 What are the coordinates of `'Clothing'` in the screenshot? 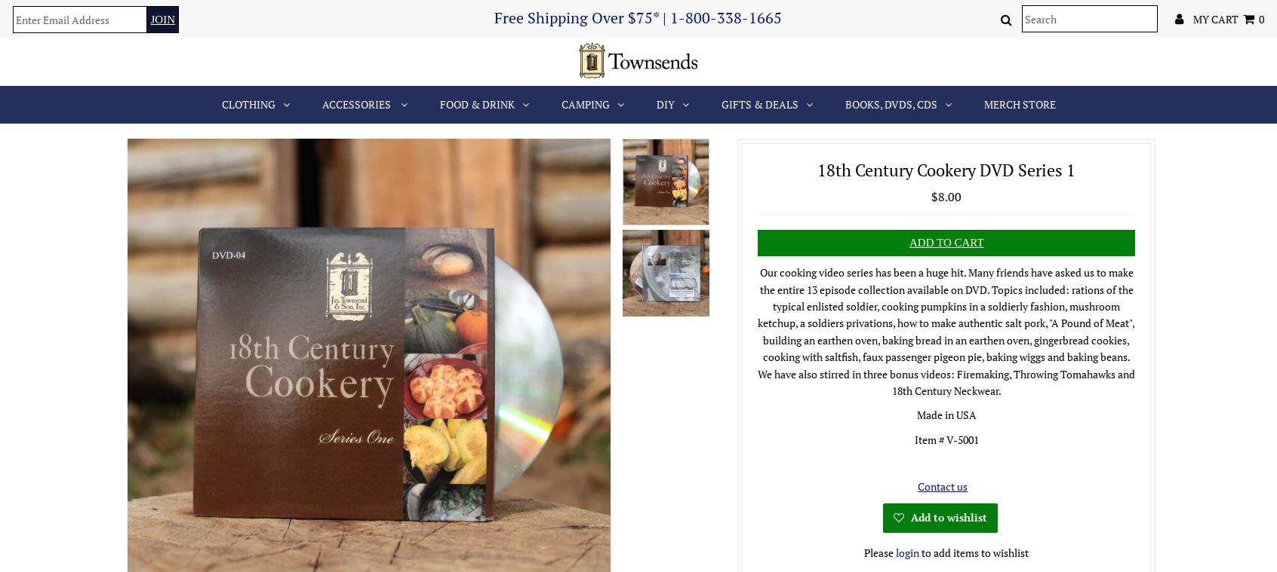 It's located at (247, 103).